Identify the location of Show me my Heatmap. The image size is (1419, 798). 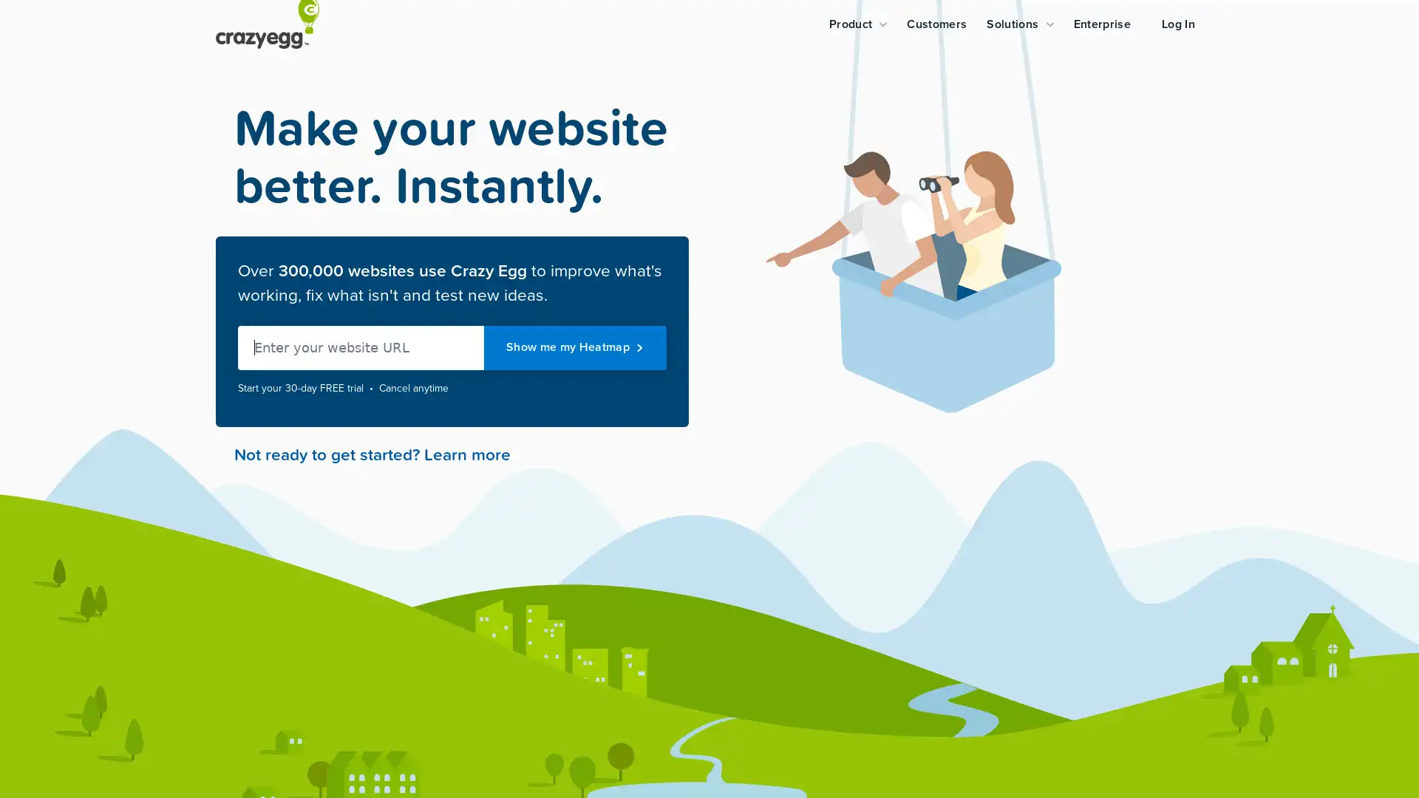
(574, 361).